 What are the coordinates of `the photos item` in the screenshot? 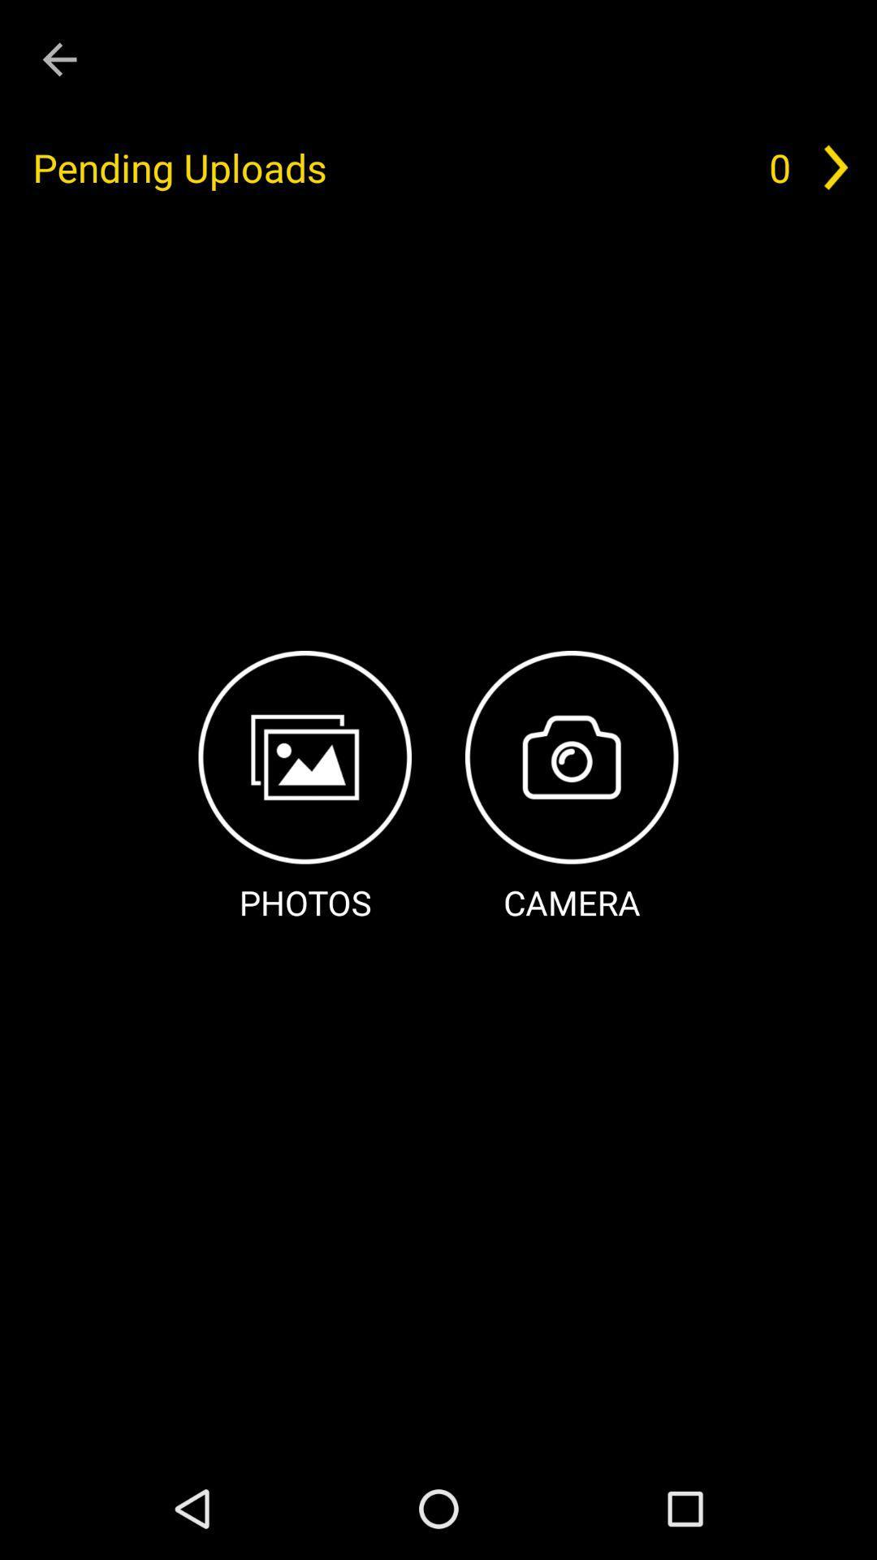 It's located at (305, 788).